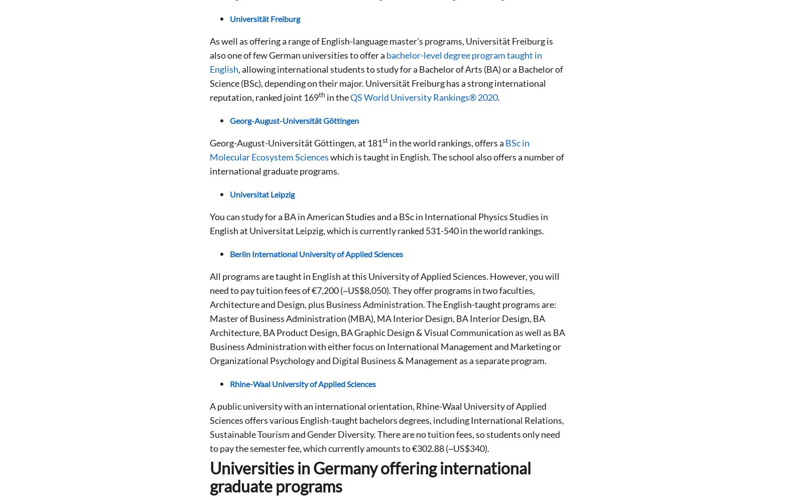 Image resolution: width=803 pixels, height=500 pixels. What do you see at coordinates (264, 19) in the screenshot?
I see `'Universität Freiburg'` at bounding box center [264, 19].